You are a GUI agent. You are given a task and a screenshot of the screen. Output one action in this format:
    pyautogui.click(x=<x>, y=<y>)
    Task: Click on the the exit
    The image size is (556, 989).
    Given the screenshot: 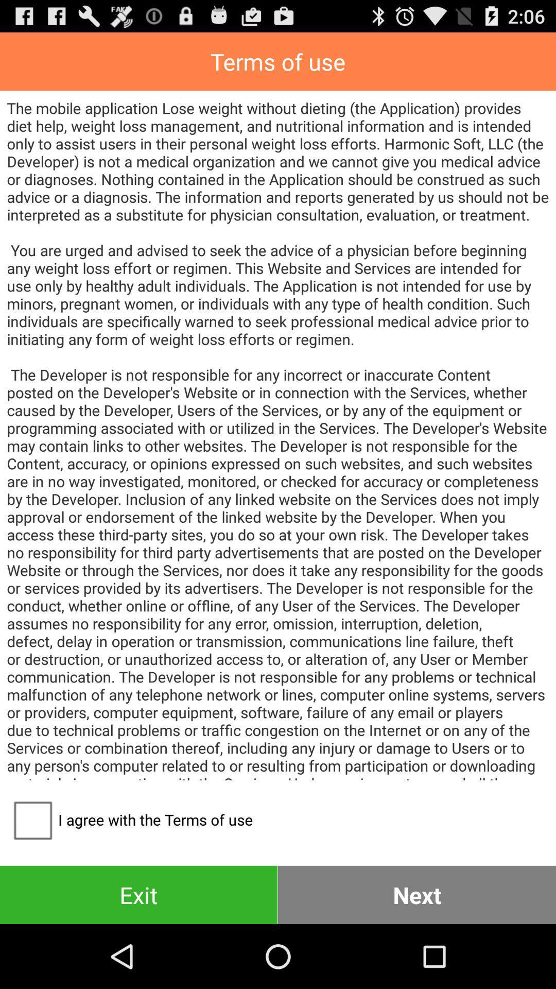 What is the action you would take?
    pyautogui.click(x=138, y=894)
    